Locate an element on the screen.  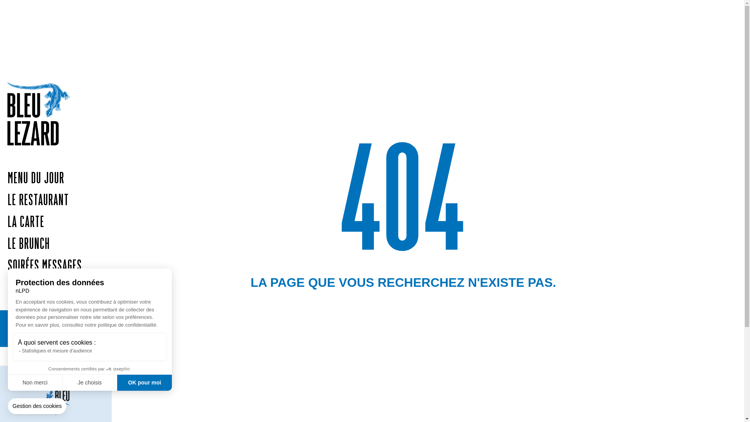
'LE RESTAURANT' is located at coordinates (0, 201).